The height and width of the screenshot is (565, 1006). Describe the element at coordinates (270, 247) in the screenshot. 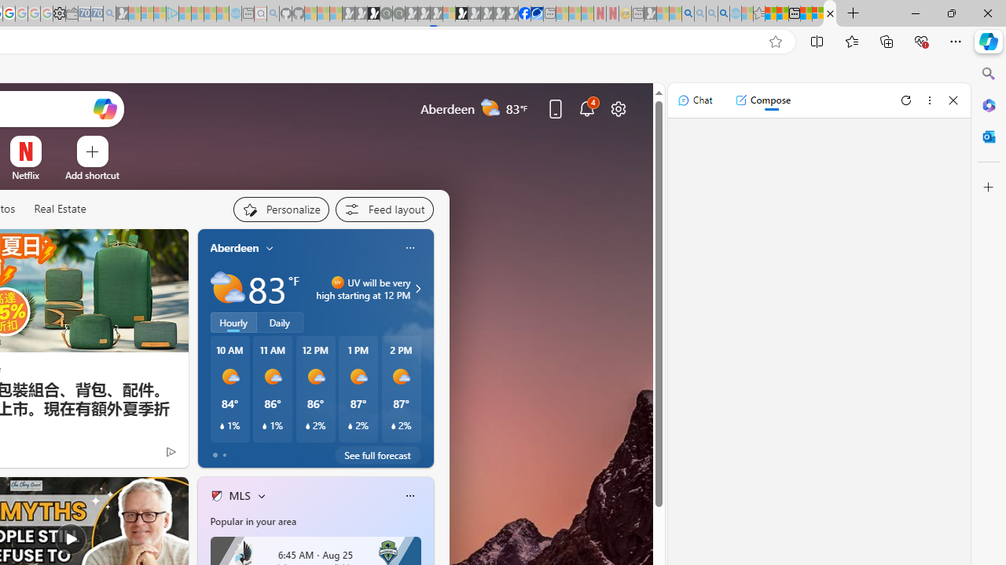

I see `'My location'` at that location.